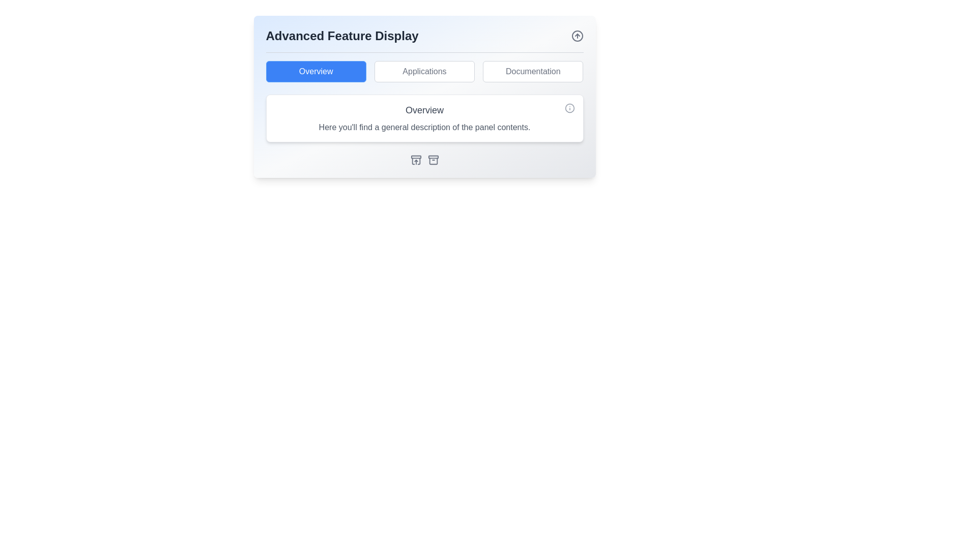 This screenshot has width=977, height=549. I want to click on the Icon button representing a restore action, located to the left of the trash can icon in the modal interface, so click(416, 160).